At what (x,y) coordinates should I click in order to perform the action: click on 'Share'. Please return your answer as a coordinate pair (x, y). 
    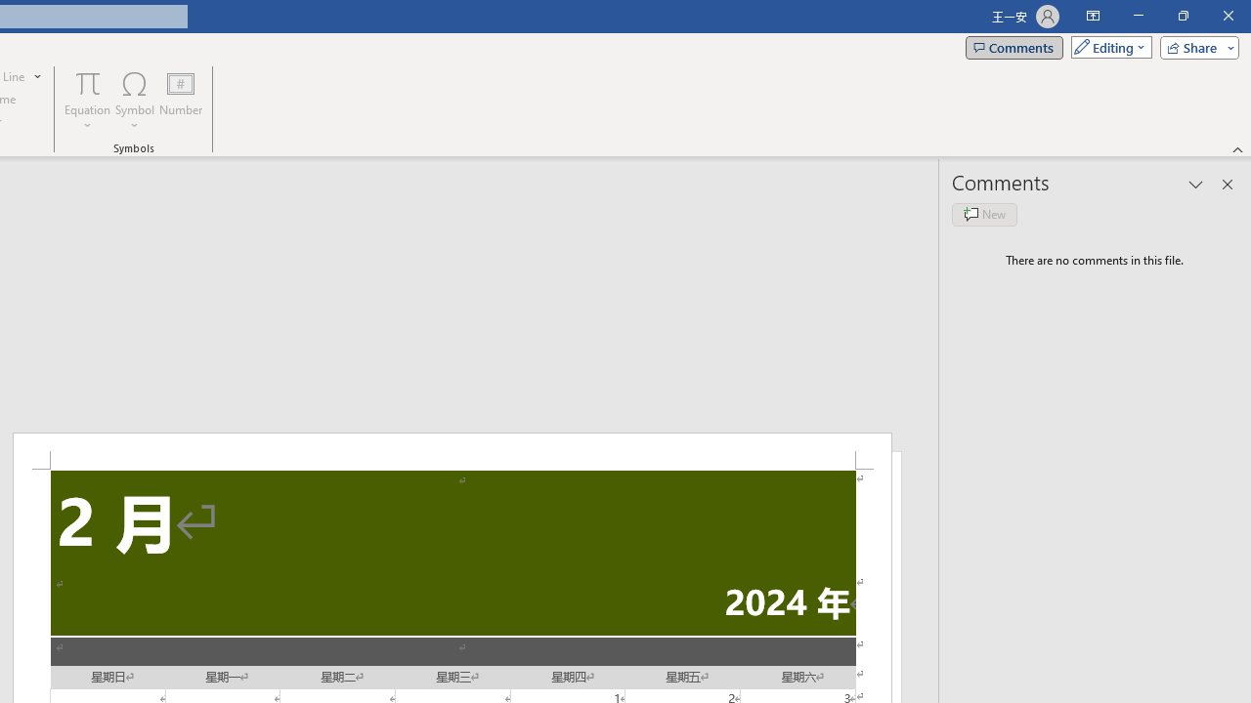
    Looking at the image, I should click on (1194, 46).